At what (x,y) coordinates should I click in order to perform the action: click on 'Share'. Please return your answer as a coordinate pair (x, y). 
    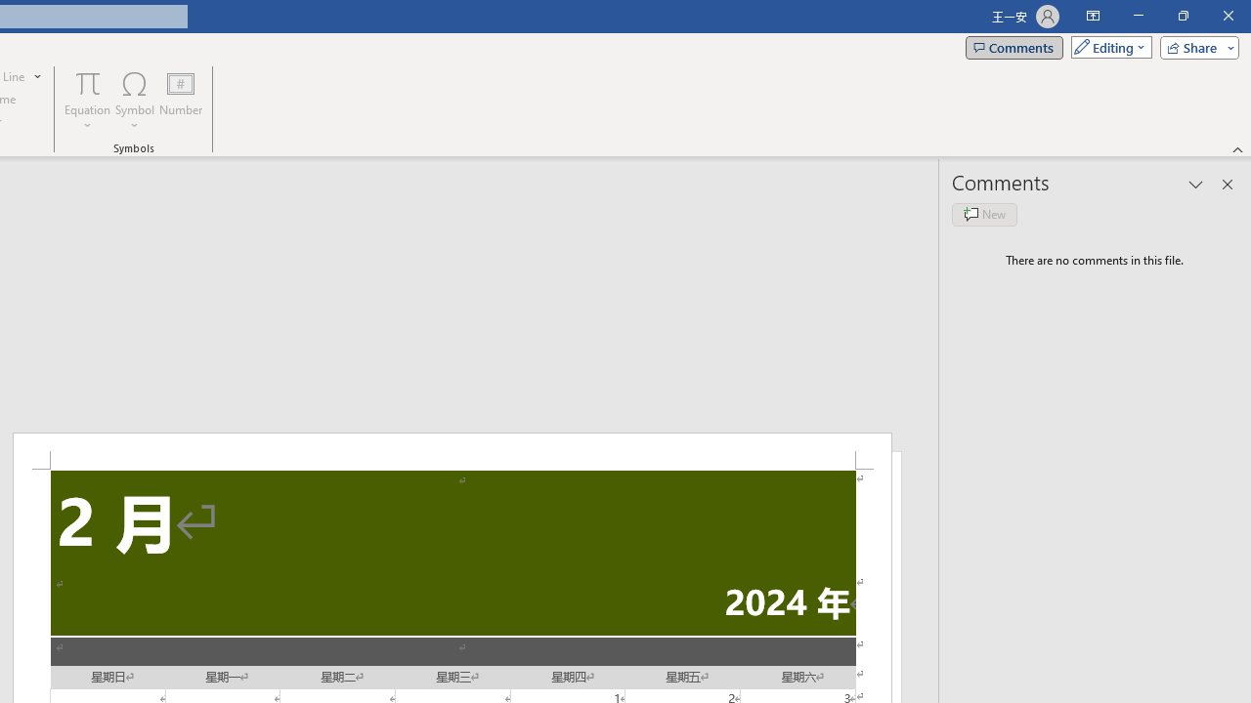
    Looking at the image, I should click on (1194, 46).